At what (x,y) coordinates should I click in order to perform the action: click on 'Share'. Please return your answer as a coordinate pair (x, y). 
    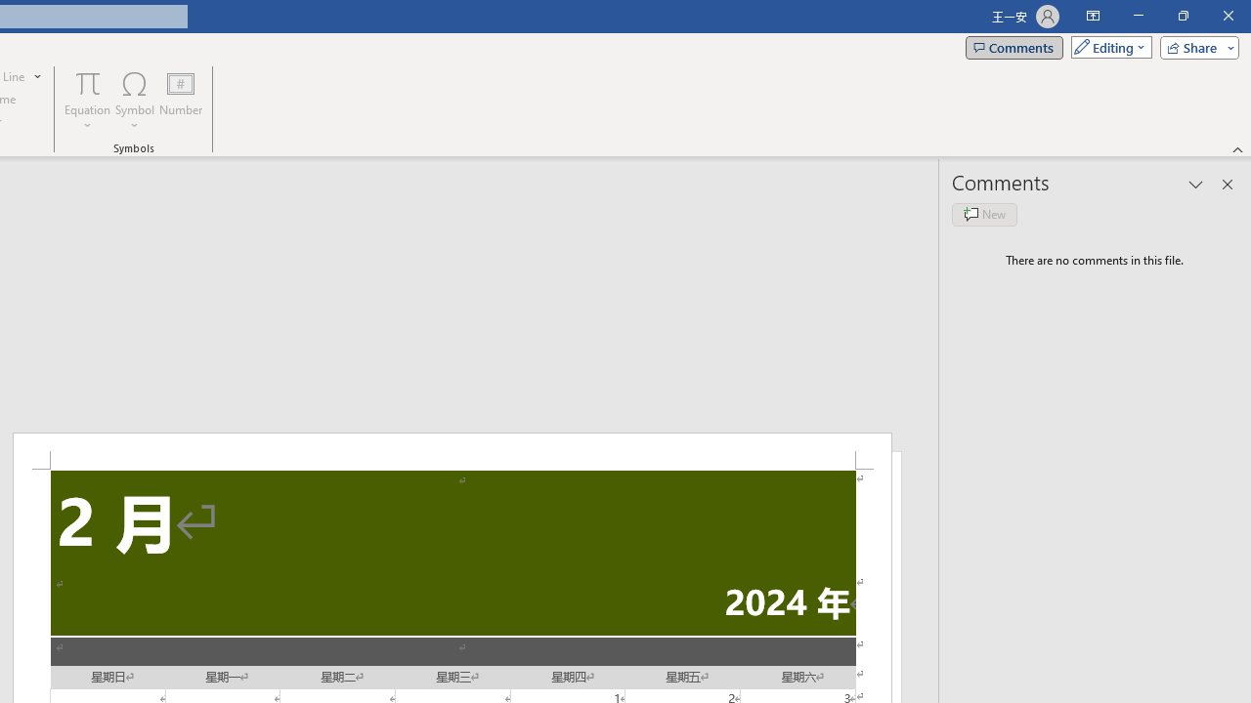
    Looking at the image, I should click on (1194, 46).